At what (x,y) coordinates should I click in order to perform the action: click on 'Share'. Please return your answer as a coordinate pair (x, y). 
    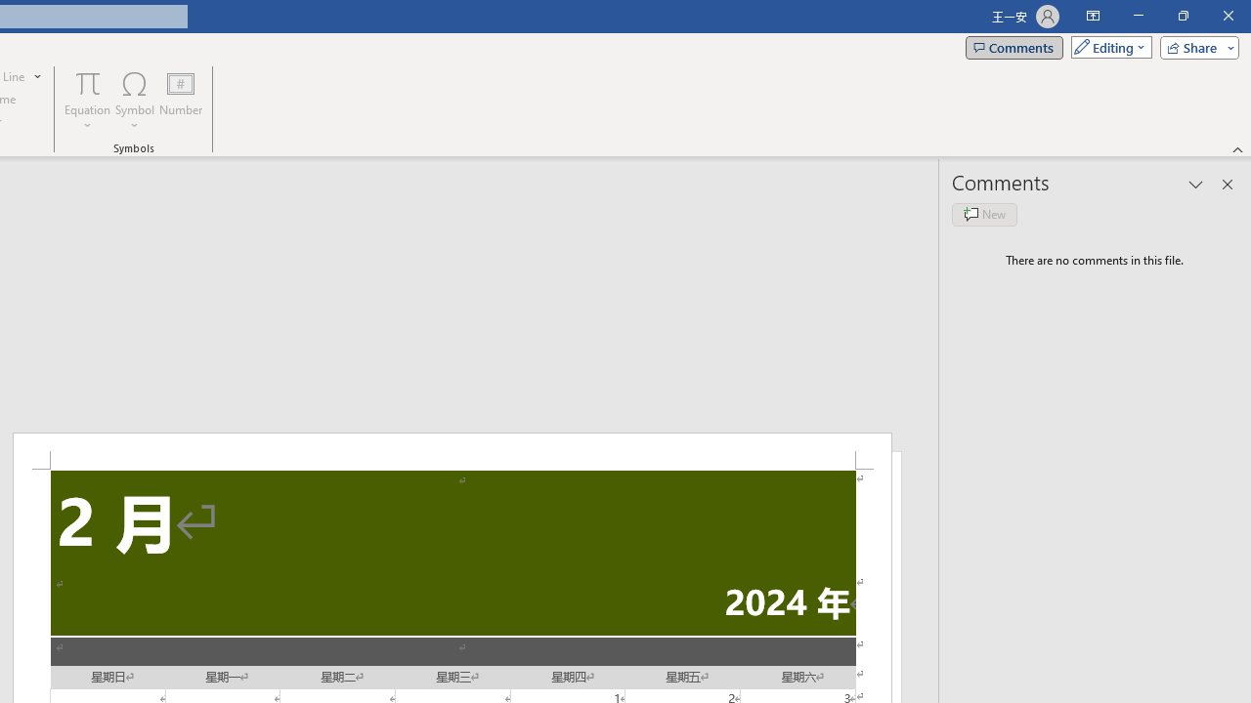
    Looking at the image, I should click on (1194, 46).